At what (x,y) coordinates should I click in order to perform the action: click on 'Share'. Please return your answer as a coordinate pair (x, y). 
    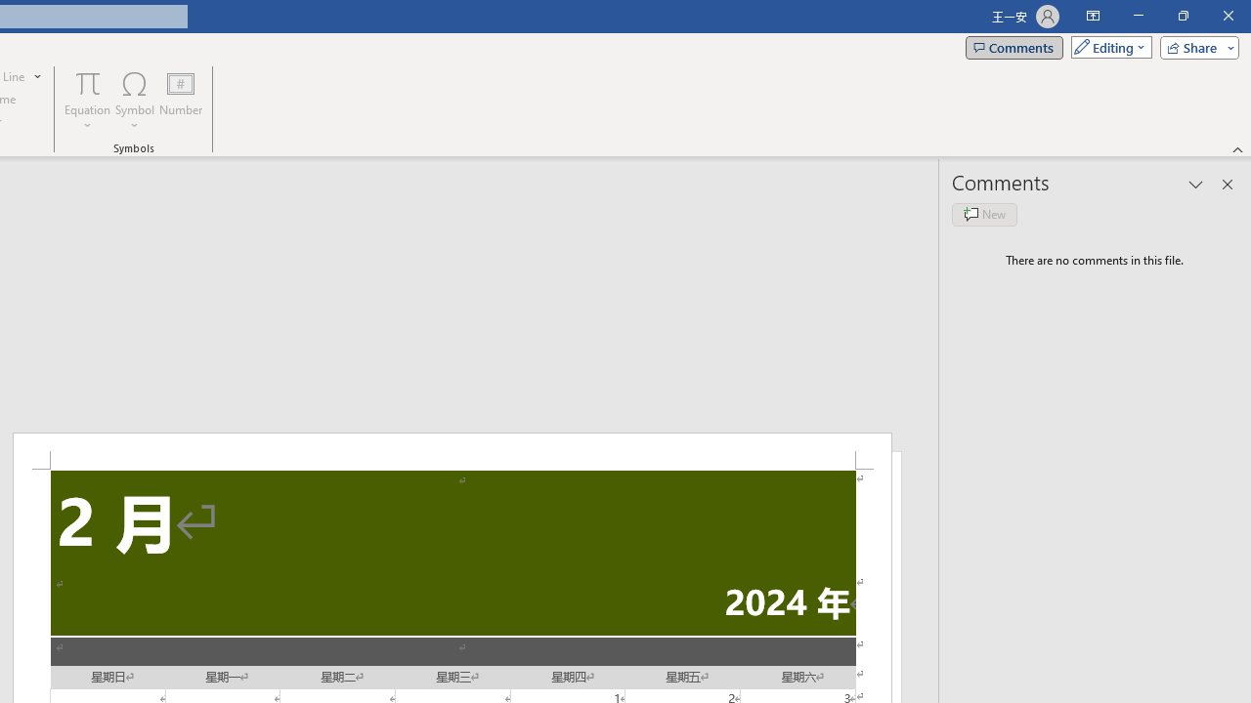
    Looking at the image, I should click on (1194, 46).